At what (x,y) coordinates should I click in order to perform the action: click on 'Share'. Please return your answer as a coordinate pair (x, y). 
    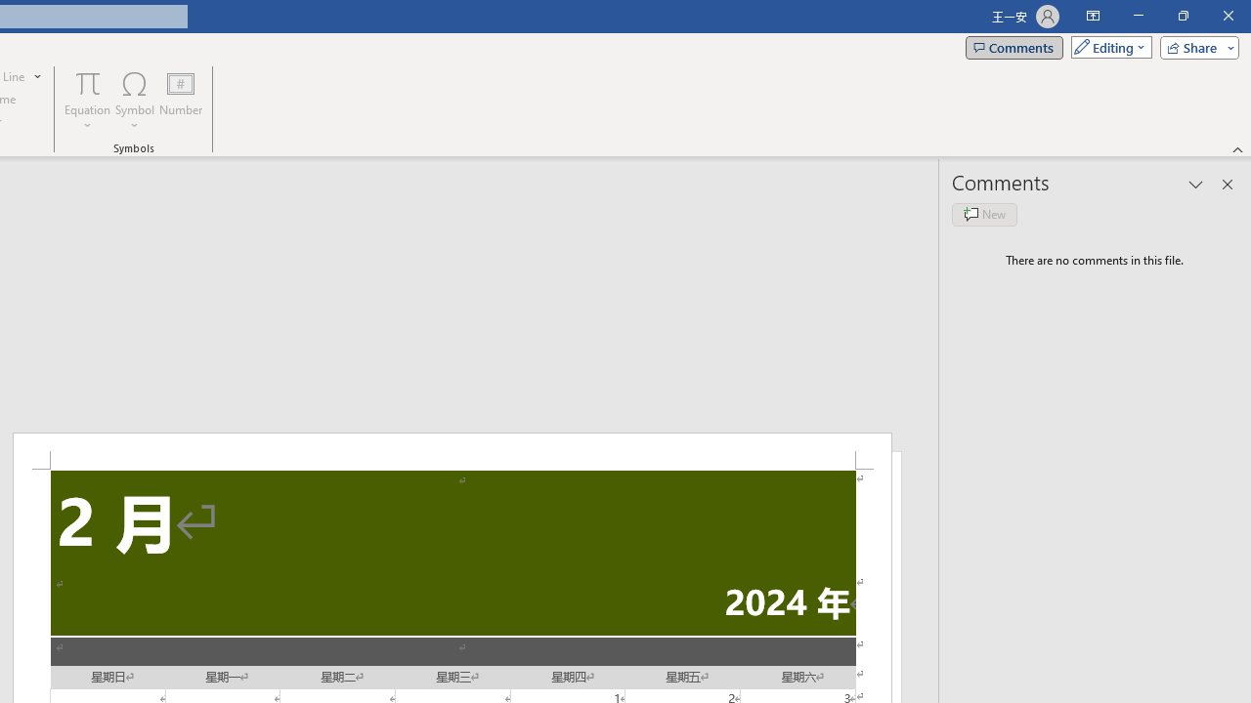
    Looking at the image, I should click on (1194, 46).